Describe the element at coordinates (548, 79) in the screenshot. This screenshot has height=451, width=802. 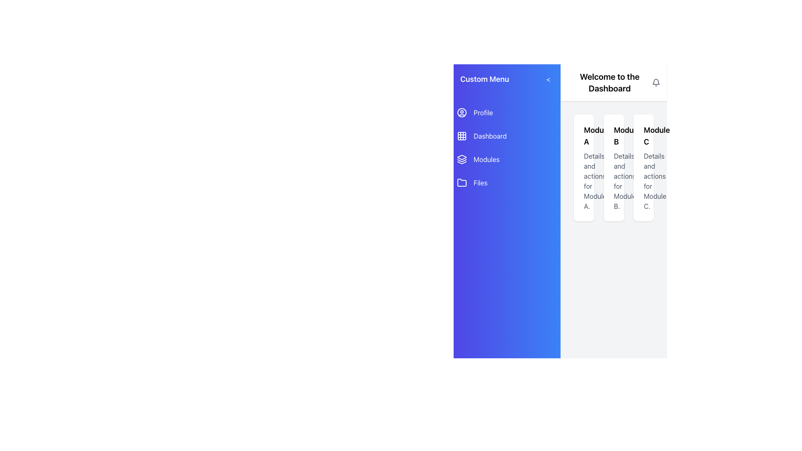
I see `the button located at the top-right corner of the vertical blue menu section labeled 'Custom Menu'` at that location.